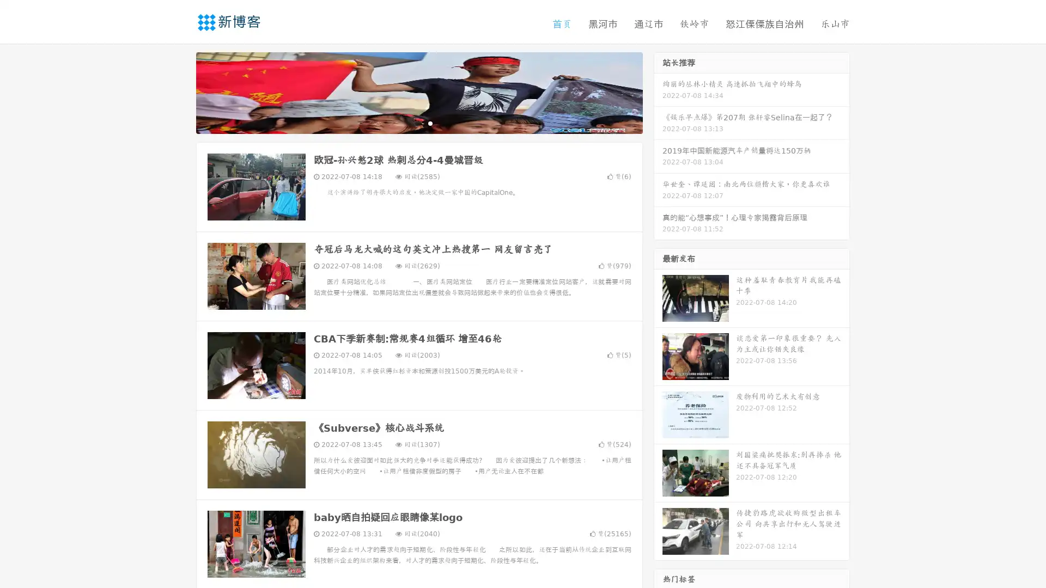  What do you see at coordinates (418, 122) in the screenshot?
I see `Go to slide 2` at bounding box center [418, 122].